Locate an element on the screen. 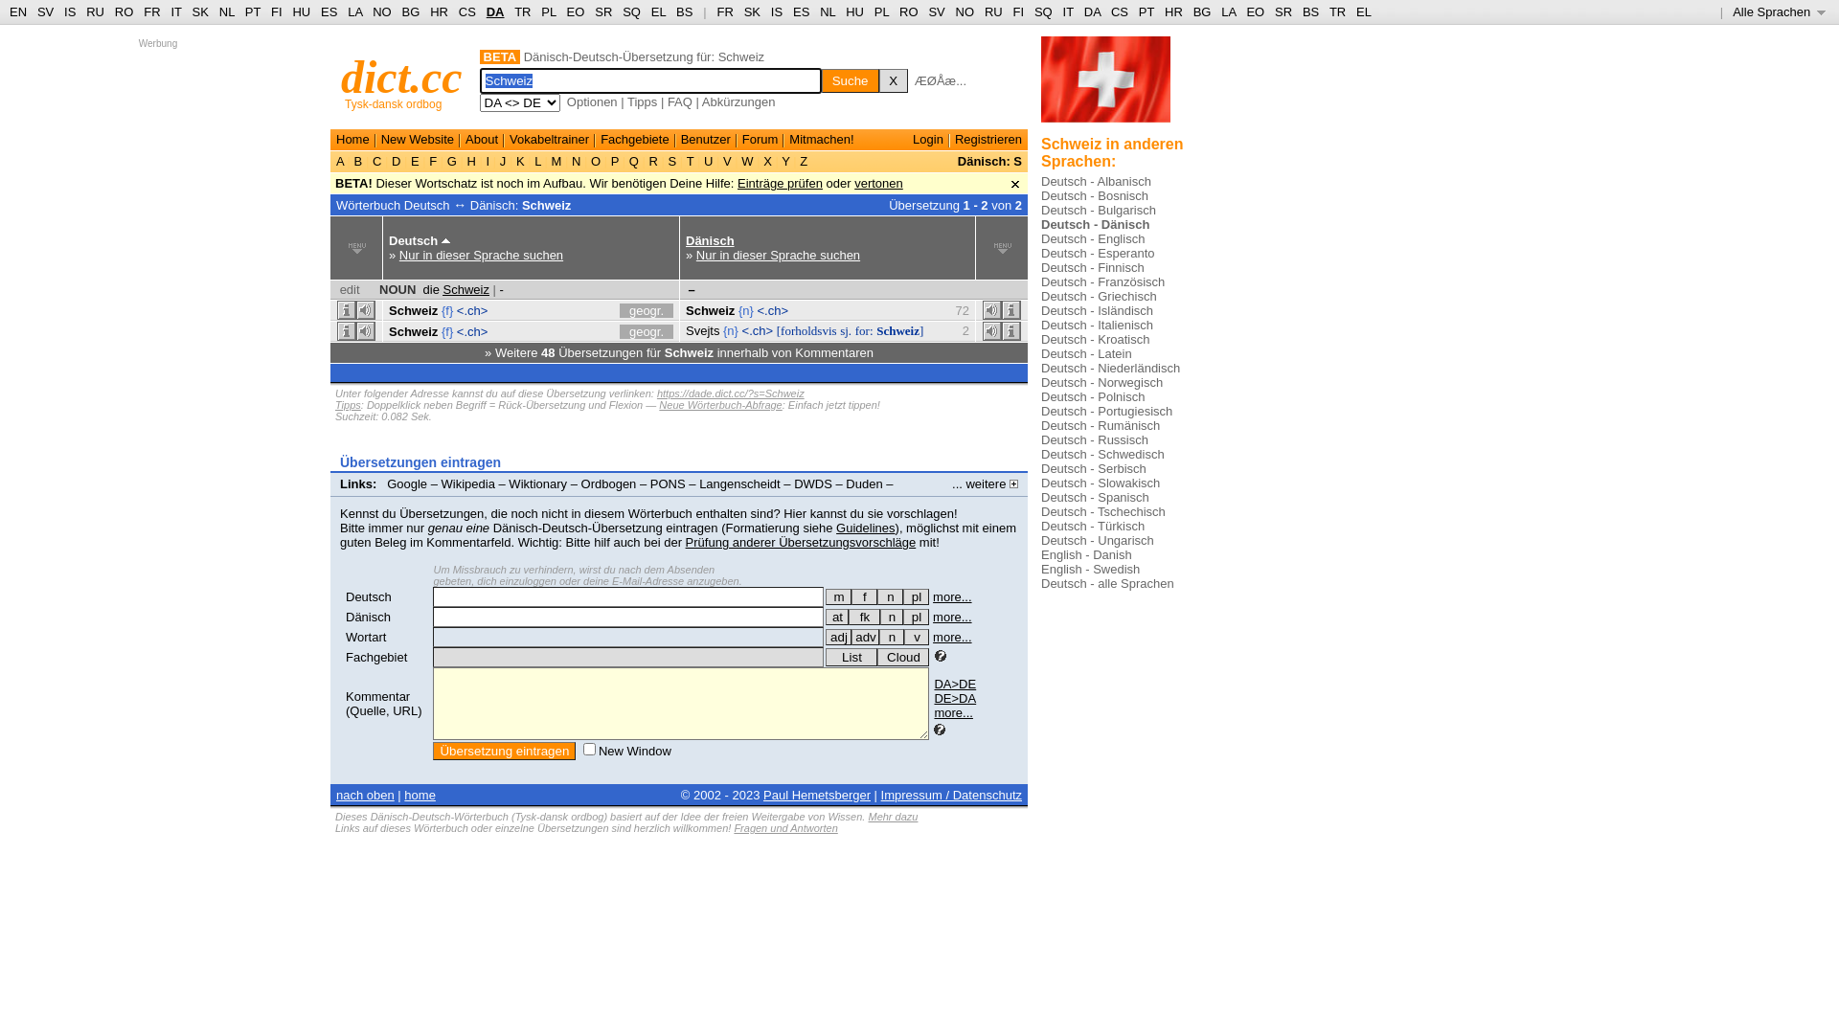 The width and height of the screenshot is (1839, 1034). 'edit' is located at coordinates (350, 289).